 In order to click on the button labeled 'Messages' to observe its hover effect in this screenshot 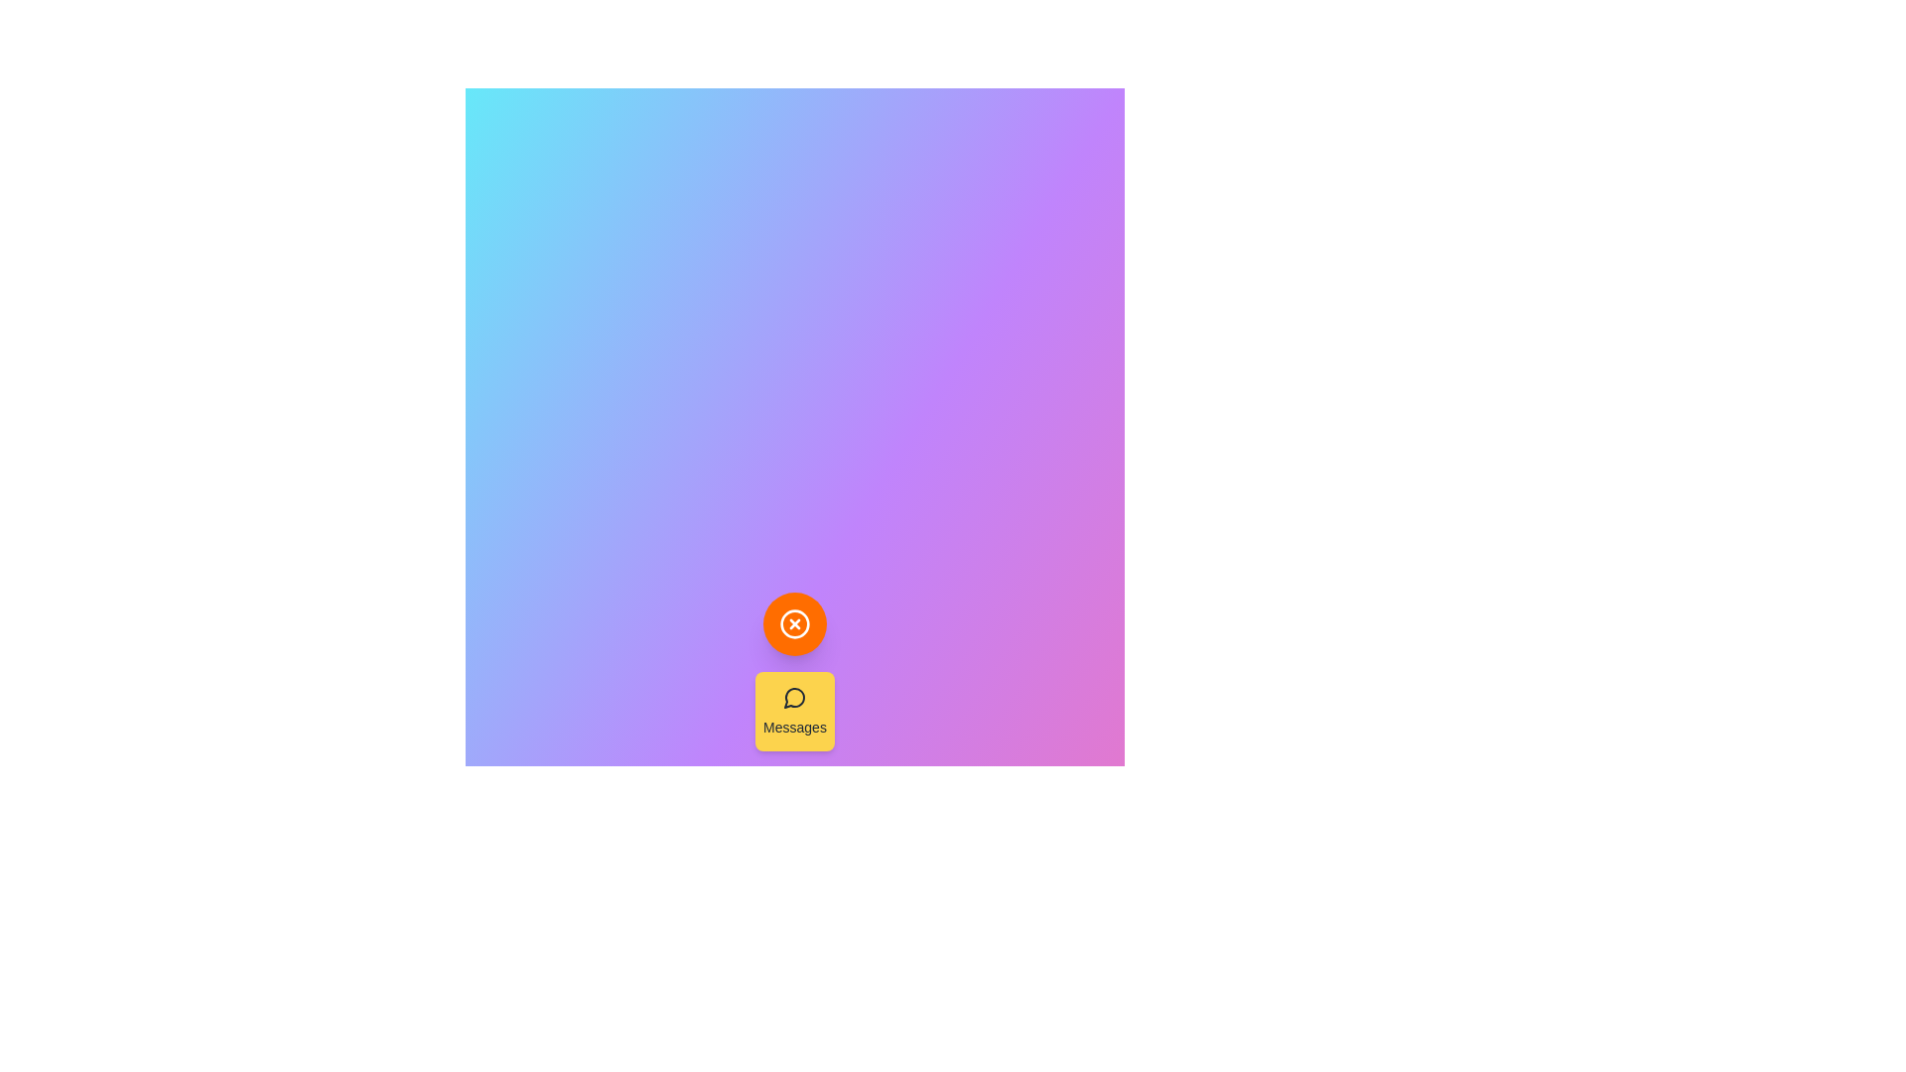, I will do `click(795, 711)`.